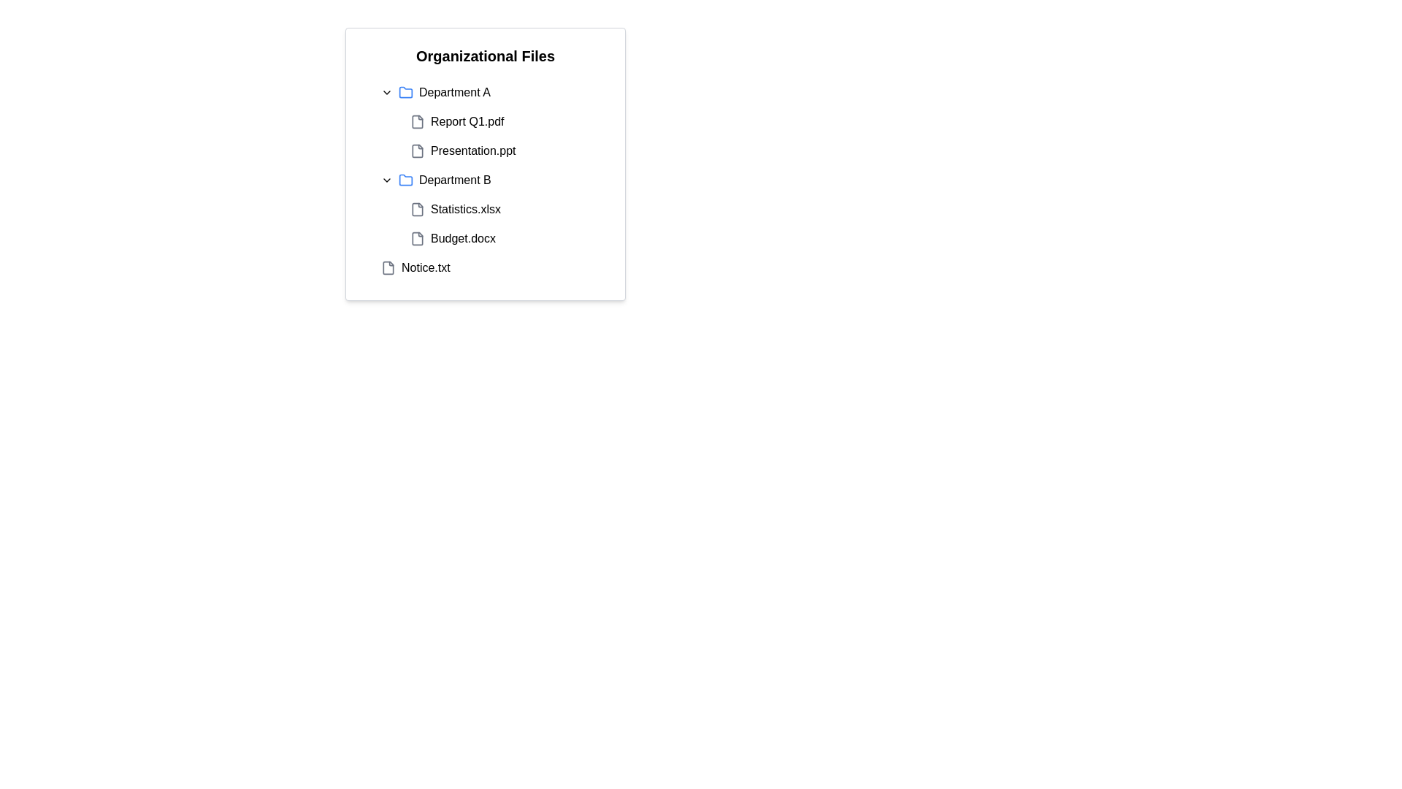  Describe the element at coordinates (416, 121) in the screenshot. I see `the document file icon, which is a rectangular shape with a folded top-right corner, located next to the text label 'Report Q1.pdf' in the 'Department A' section of the collapsible list interface` at that location.